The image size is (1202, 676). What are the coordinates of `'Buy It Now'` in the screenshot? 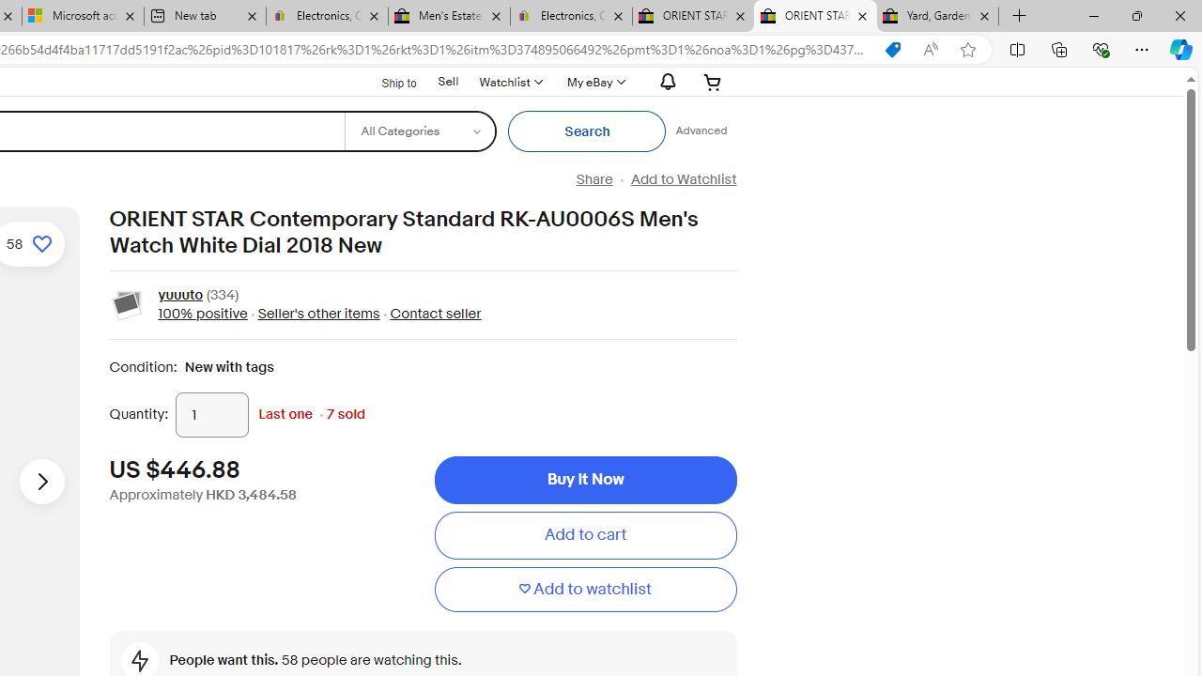 It's located at (584, 479).